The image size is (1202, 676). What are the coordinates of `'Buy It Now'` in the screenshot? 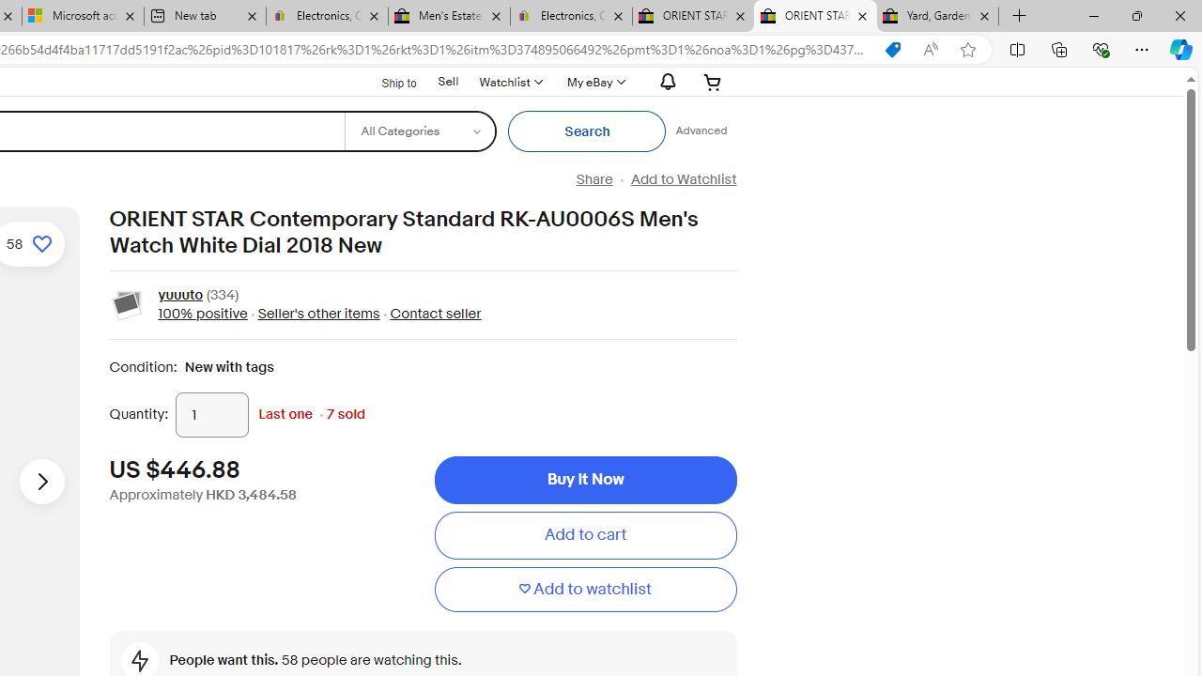 It's located at (584, 479).